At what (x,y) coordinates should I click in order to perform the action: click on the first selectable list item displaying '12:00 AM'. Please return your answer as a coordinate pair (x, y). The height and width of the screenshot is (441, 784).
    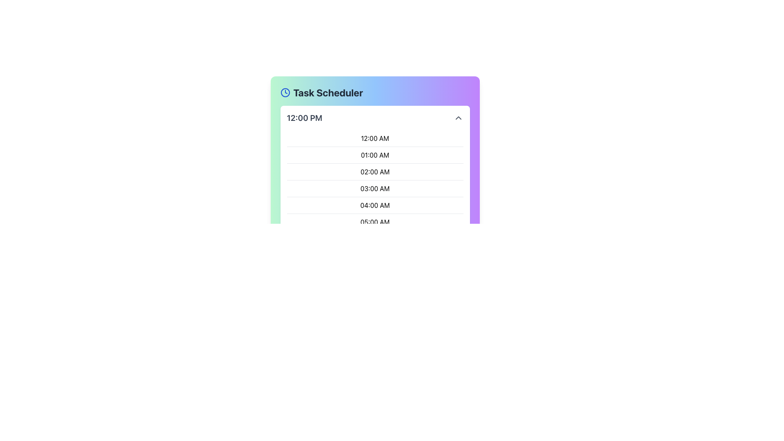
    Looking at the image, I should click on (374, 138).